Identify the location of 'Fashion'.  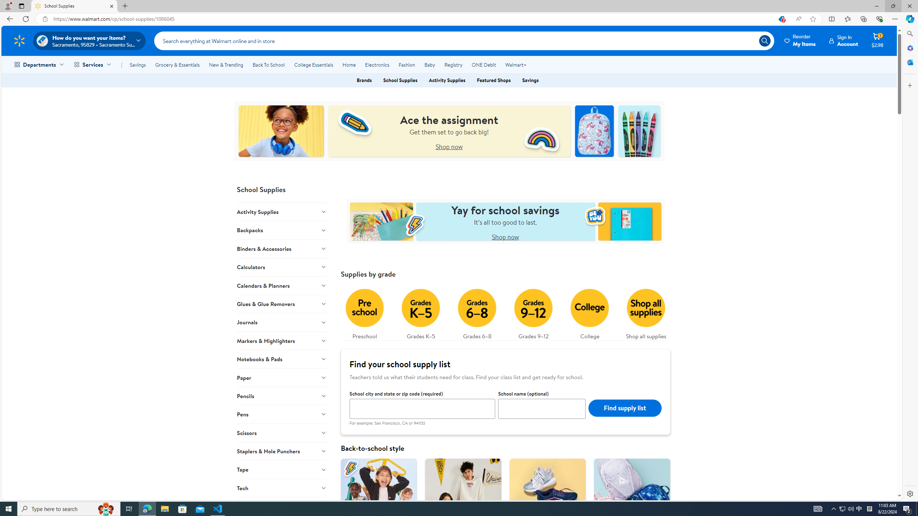
(406, 64).